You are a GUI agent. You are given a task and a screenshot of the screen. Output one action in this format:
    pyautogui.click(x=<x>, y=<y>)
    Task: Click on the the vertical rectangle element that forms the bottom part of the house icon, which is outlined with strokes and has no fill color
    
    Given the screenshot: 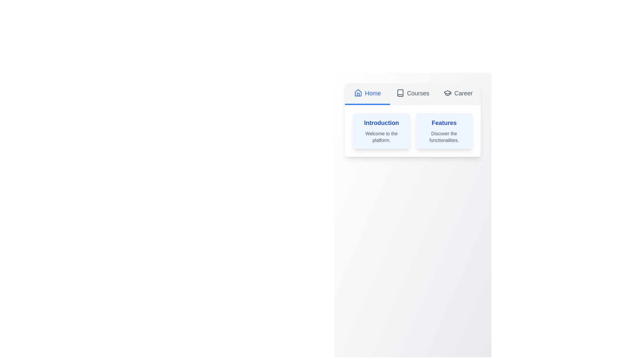 What is the action you would take?
    pyautogui.click(x=358, y=94)
    